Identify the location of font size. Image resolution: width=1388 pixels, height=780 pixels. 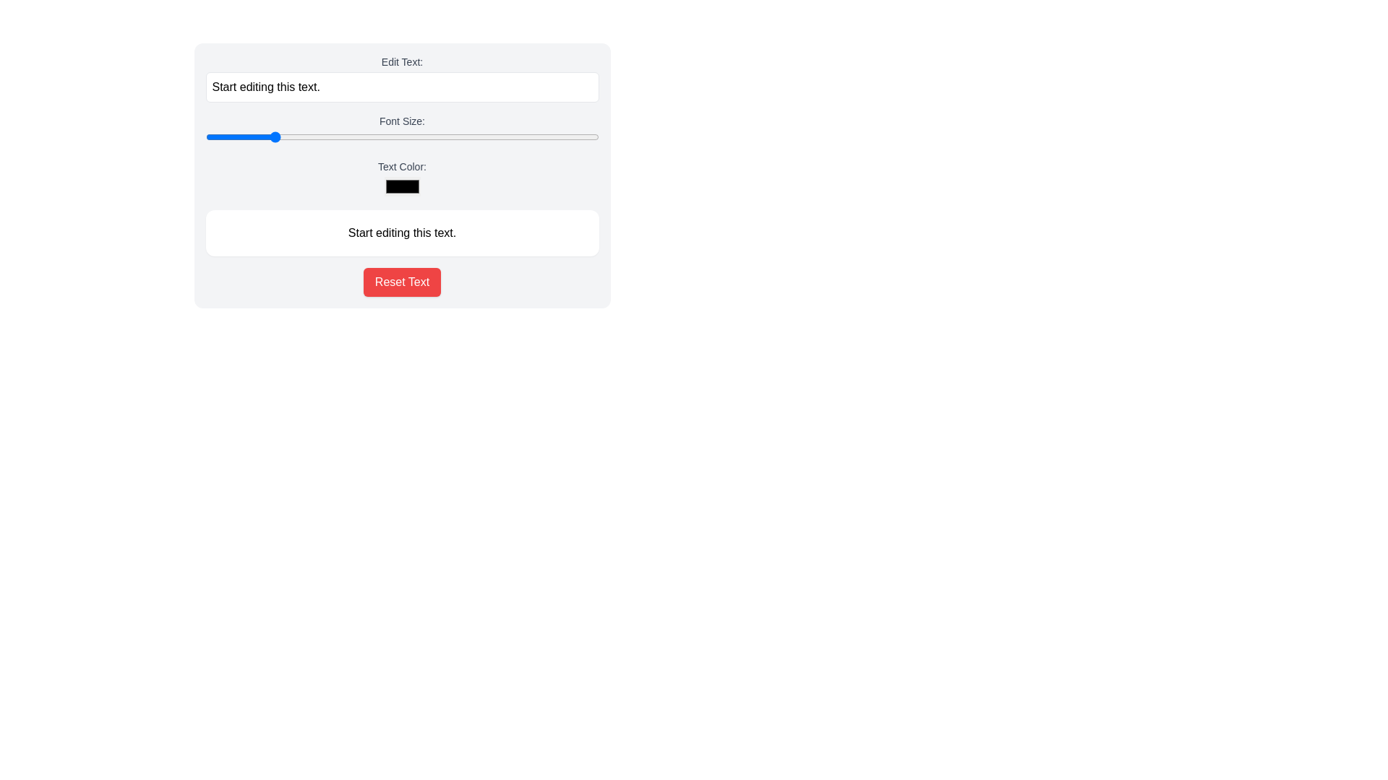
(418, 136).